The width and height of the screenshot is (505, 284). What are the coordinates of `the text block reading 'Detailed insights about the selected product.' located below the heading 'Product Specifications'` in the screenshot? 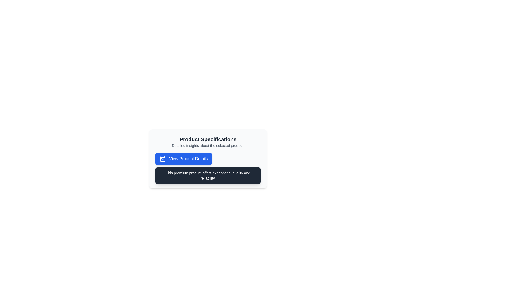 It's located at (208, 146).